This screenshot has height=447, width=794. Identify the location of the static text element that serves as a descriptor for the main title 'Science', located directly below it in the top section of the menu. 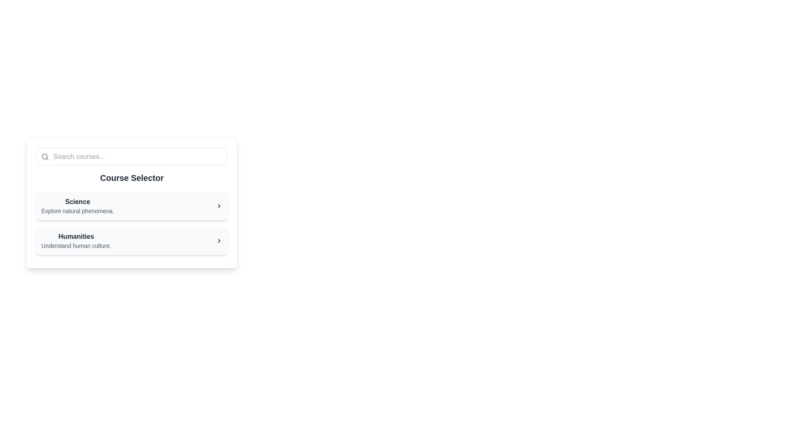
(77, 210).